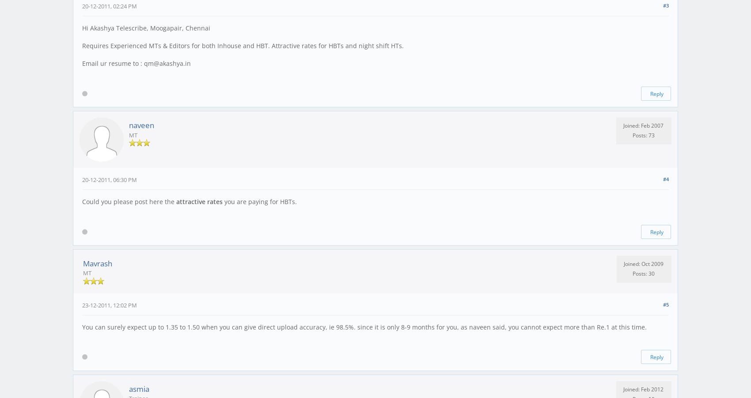  Describe the element at coordinates (98, 263) in the screenshot. I see `'Mavrash'` at that location.